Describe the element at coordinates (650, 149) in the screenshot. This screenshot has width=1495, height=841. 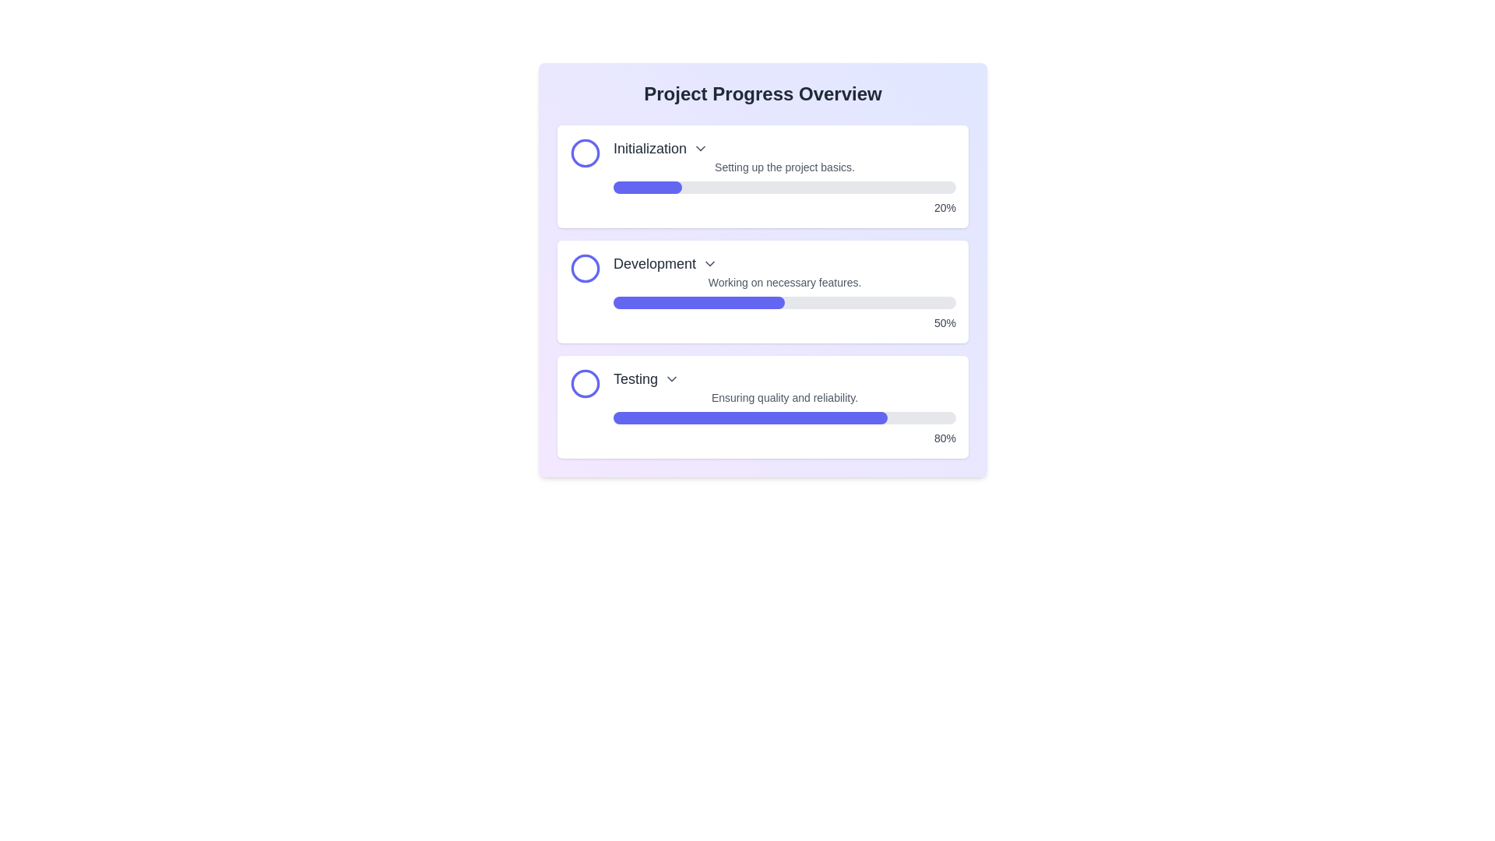
I see `the static text label that serves as a heading for the 'Initialization' phase of the progress overview, located at the topmost progress card` at that location.